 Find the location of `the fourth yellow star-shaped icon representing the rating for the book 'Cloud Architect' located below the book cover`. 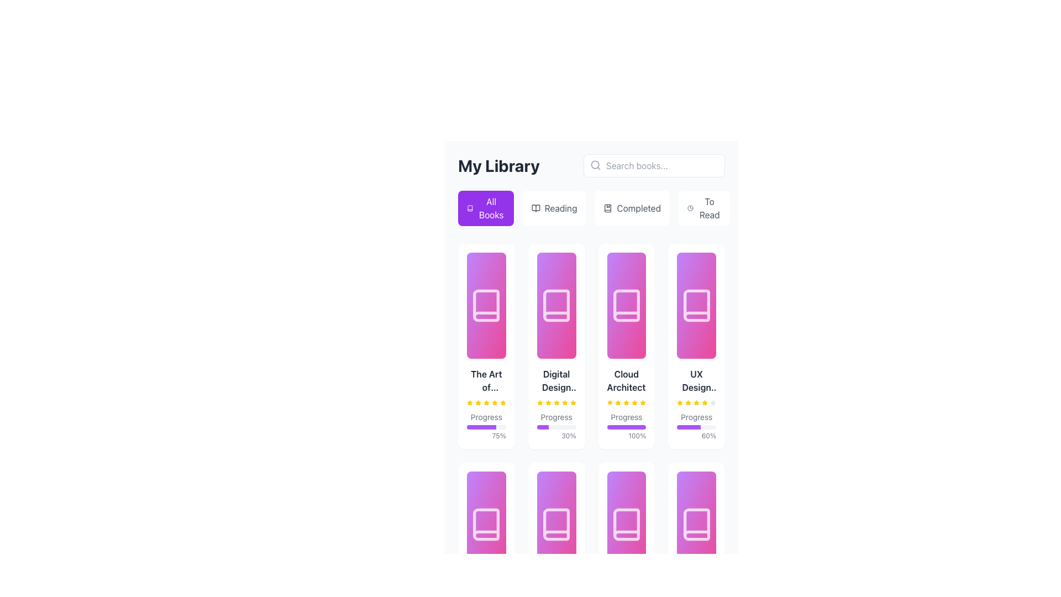

the fourth yellow star-shaped icon representing the rating for the book 'Cloud Architect' located below the book cover is located at coordinates (634, 403).